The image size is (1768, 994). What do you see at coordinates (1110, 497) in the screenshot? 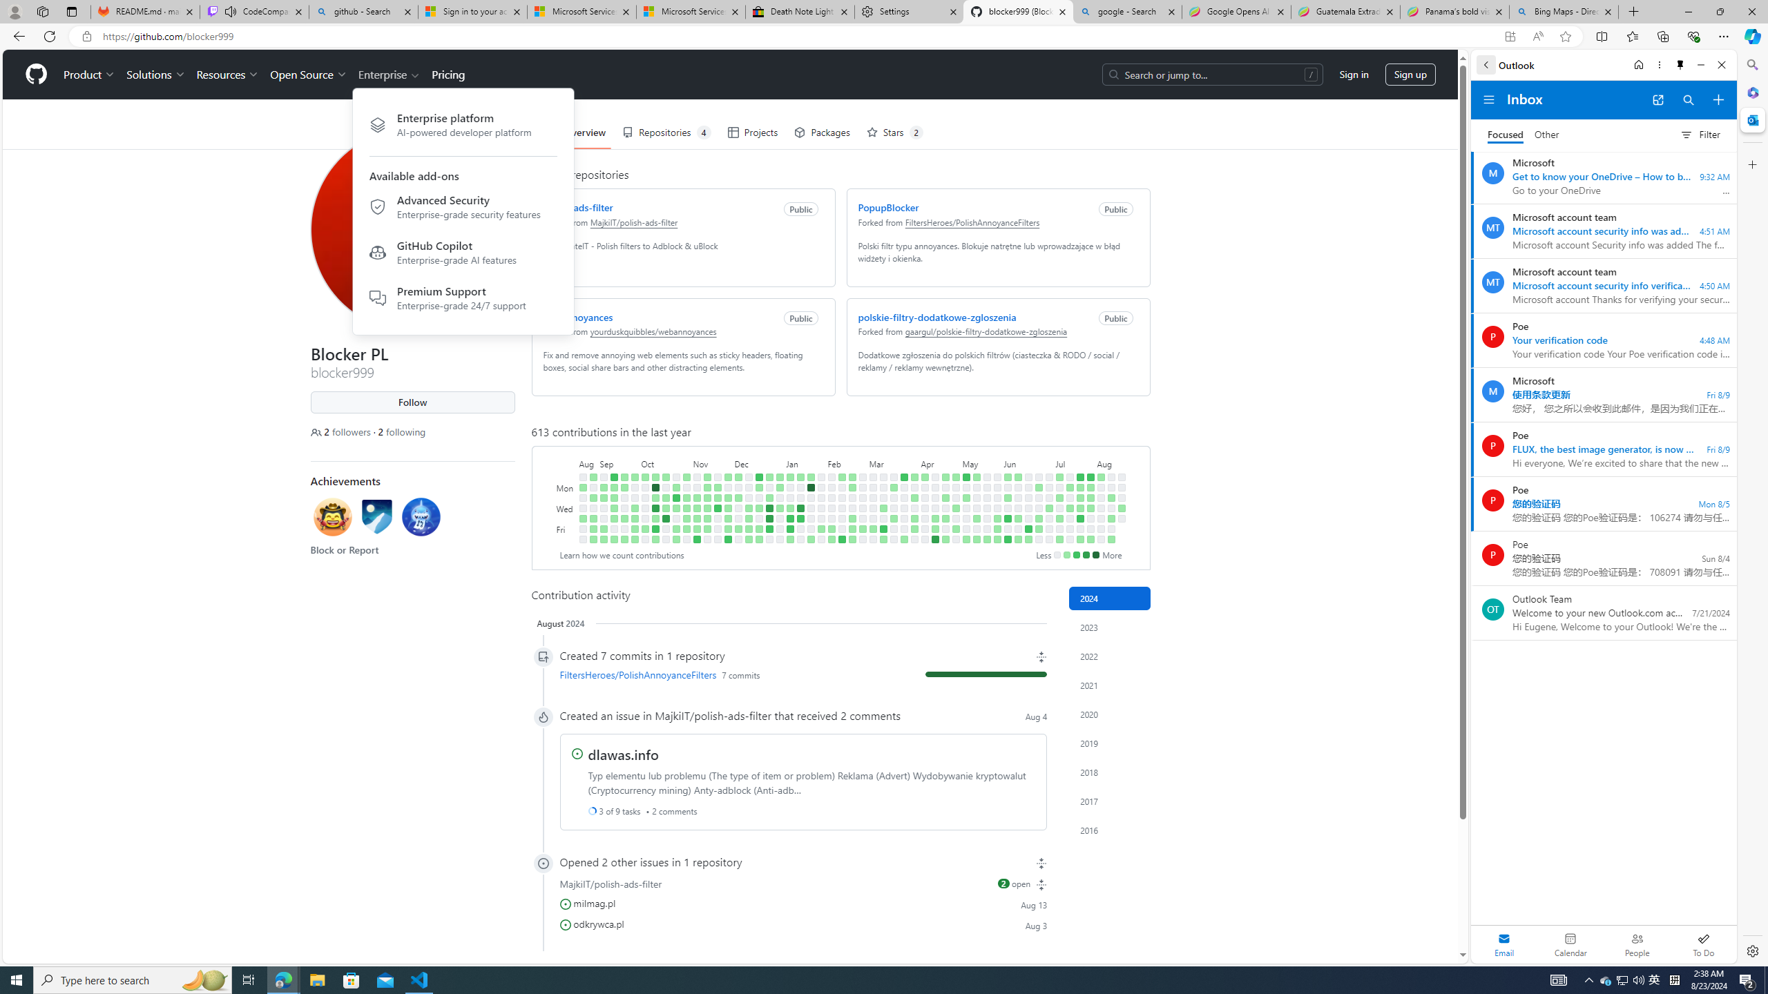
I see `'3 contributions on August 13th.'` at bounding box center [1110, 497].